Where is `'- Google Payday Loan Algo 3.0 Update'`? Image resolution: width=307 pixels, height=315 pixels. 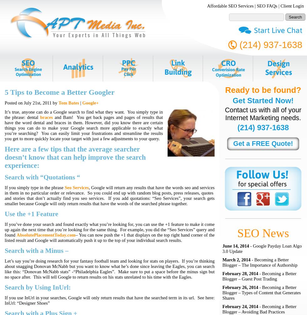 '- Google Payday Loan Algo 3.0 Update' is located at coordinates (222, 248).